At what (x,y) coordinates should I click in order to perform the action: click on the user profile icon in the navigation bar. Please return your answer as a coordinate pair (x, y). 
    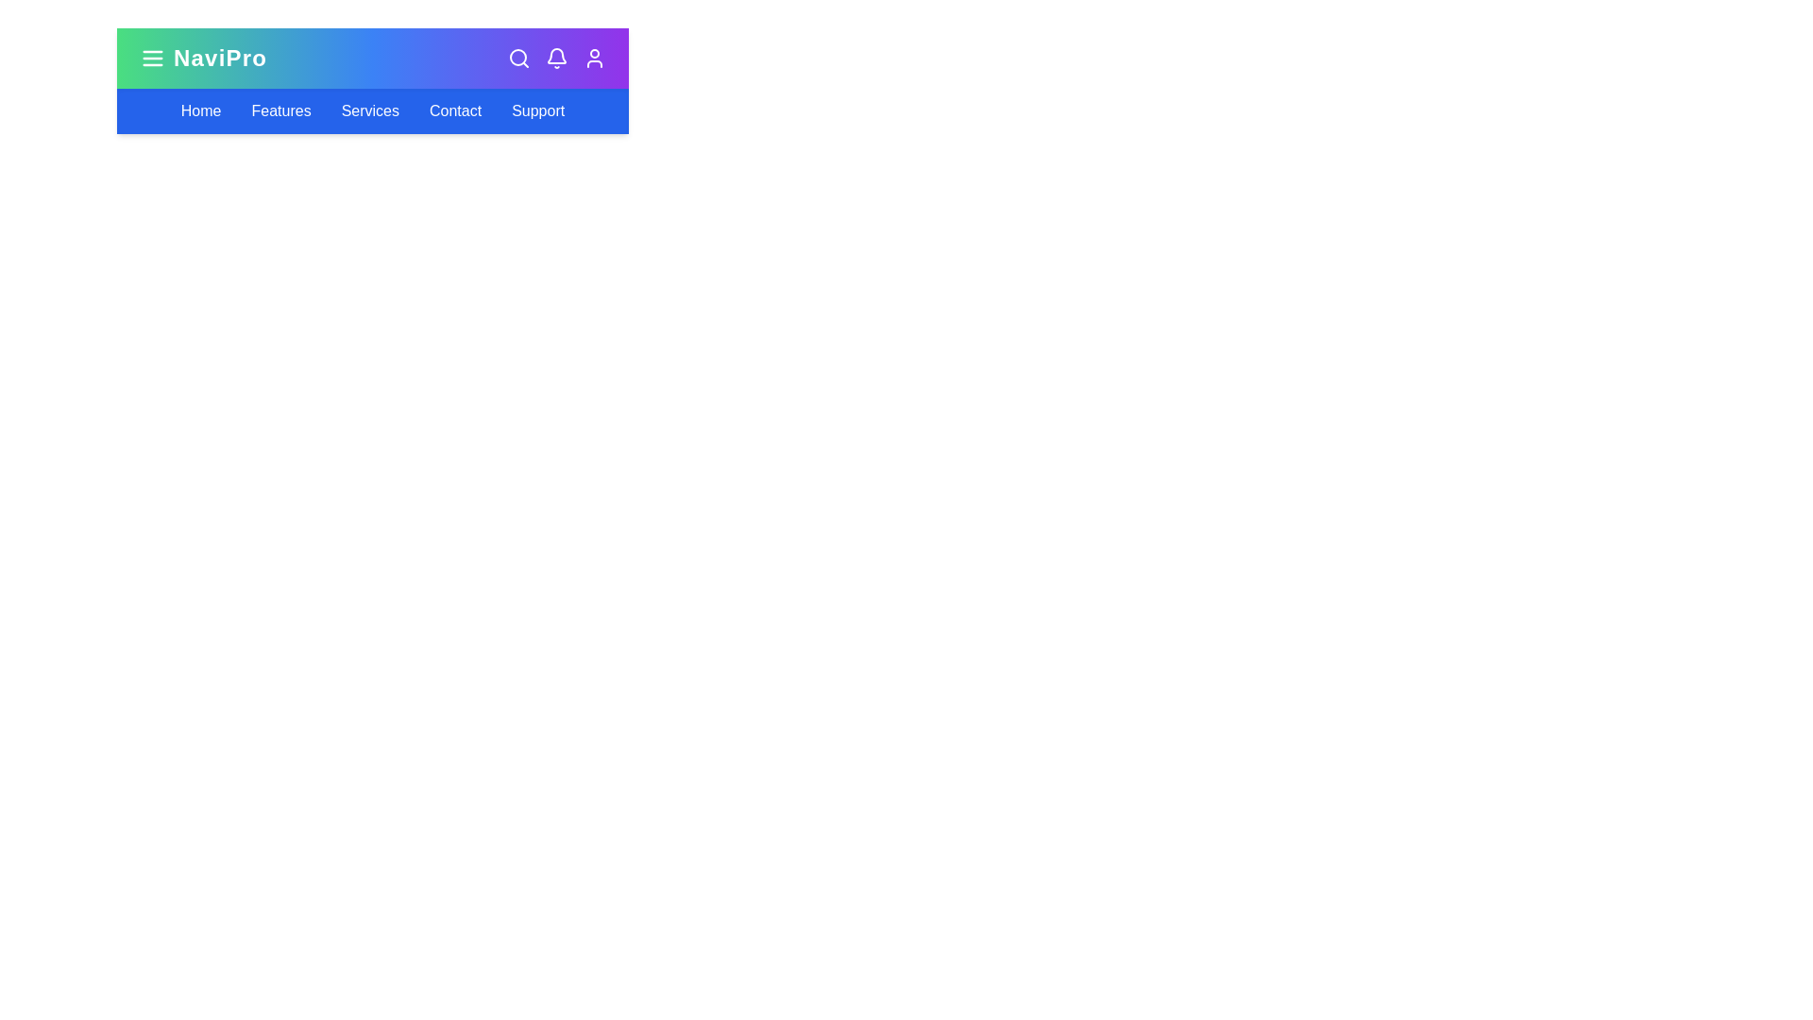
    Looking at the image, I should click on (593, 57).